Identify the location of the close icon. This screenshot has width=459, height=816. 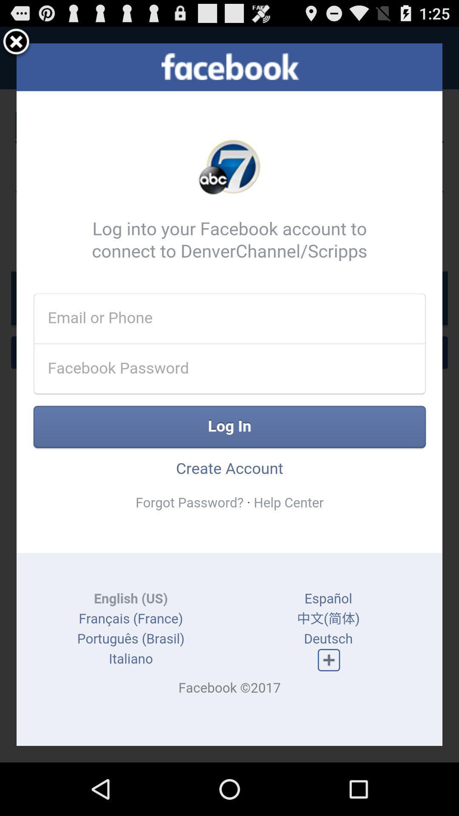
(16, 45).